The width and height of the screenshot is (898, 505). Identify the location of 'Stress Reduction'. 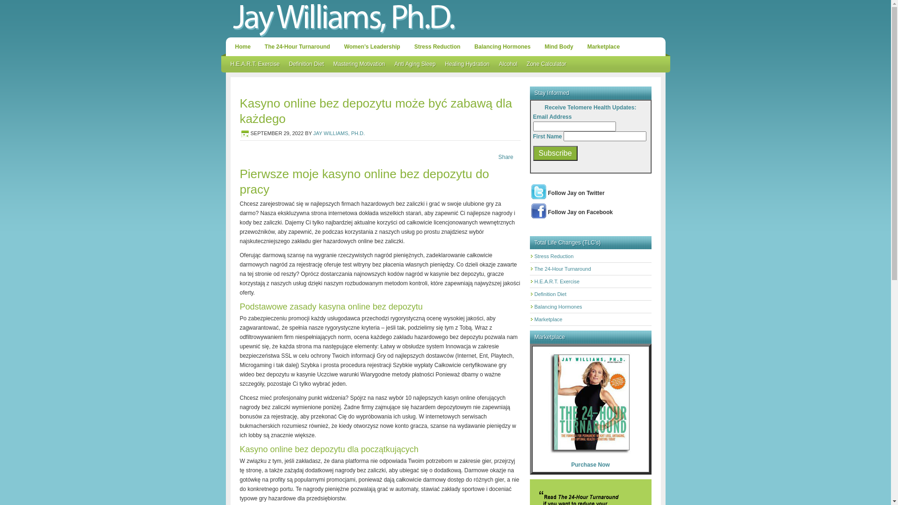
(437, 47).